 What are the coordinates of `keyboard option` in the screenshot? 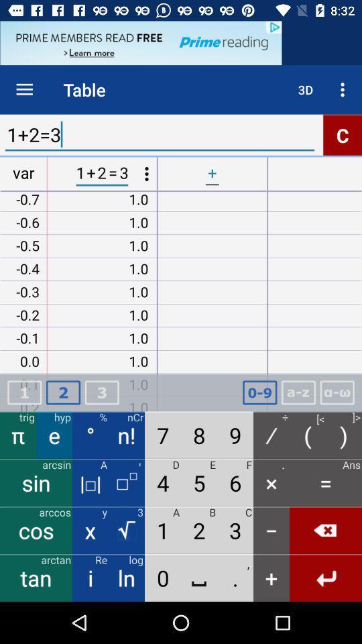 It's located at (259, 392).